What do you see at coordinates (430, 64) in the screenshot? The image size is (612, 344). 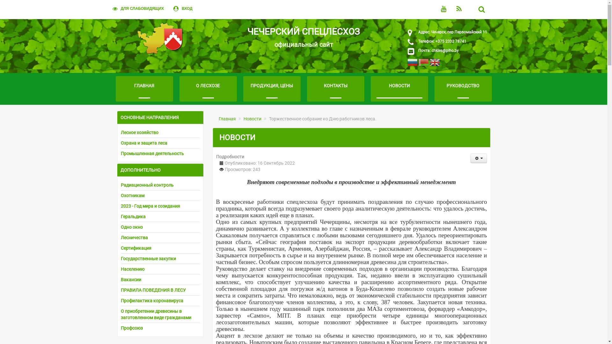 I see `'English'` at bounding box center [430, 64].